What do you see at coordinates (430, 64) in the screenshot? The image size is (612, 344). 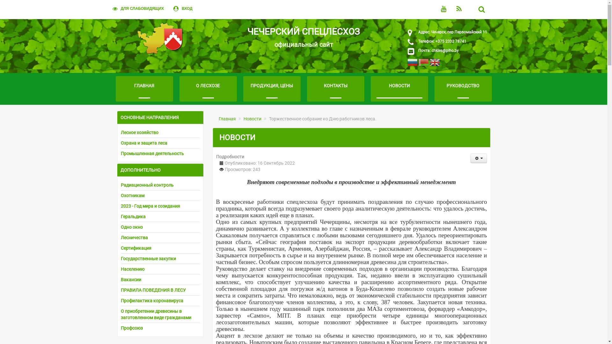 I see `'English'` at bounding box center [430, 64].